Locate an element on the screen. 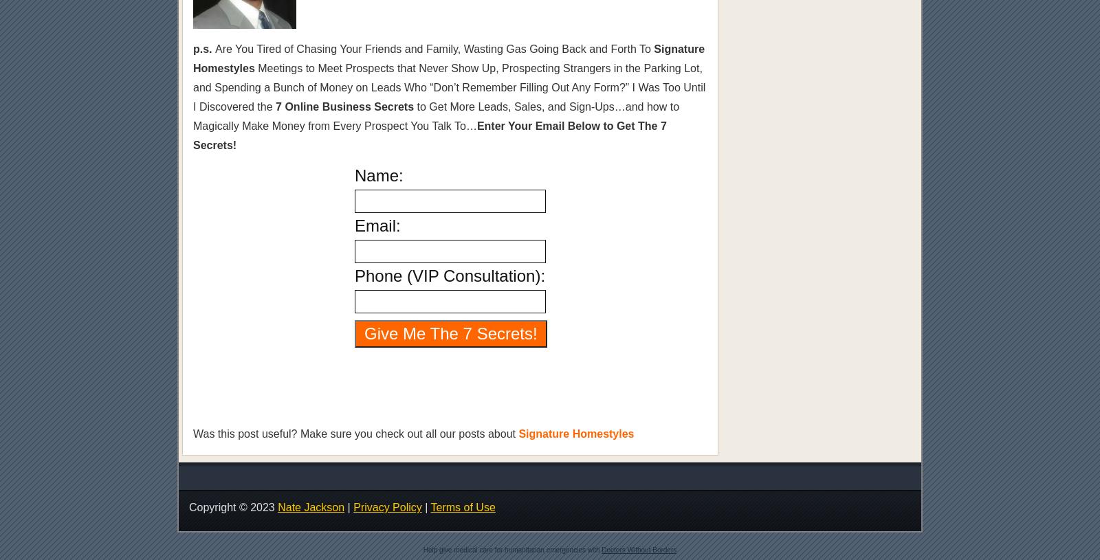 The height and width of the screenshot is (560, 1100). '7 Online Business Secrets' is located at coordinates (344, 107).